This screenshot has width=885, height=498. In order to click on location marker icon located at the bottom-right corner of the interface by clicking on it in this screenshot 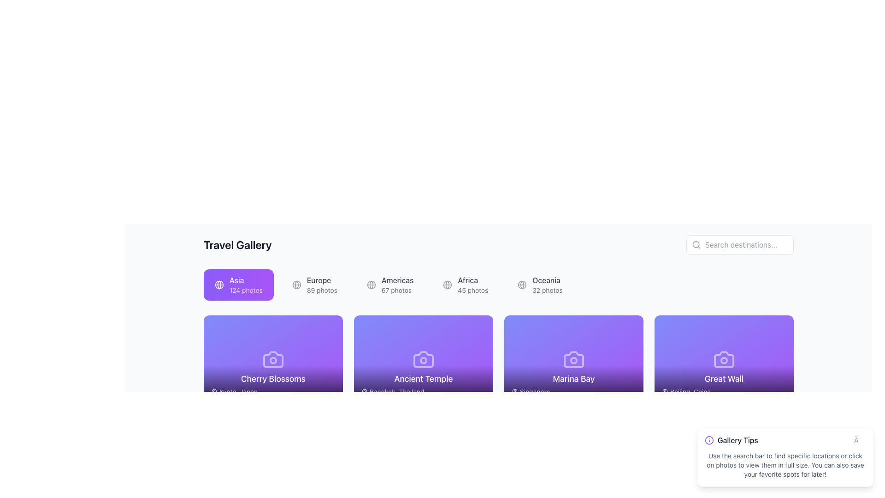, I will do `click(214, 490)`.